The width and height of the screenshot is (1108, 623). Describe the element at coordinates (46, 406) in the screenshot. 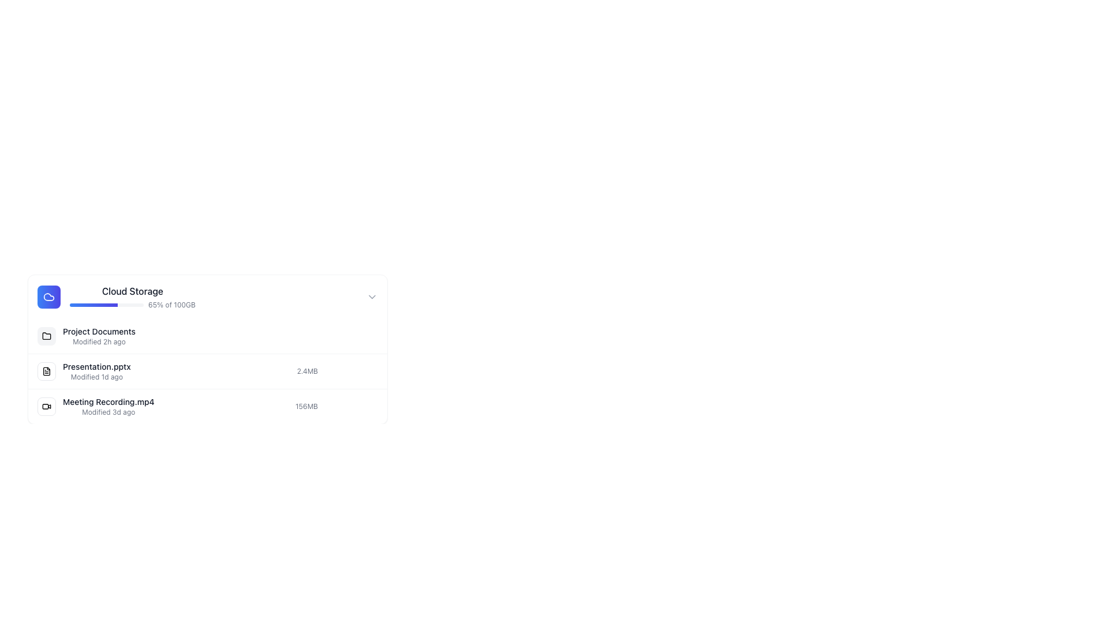

I see `the video camera icon in the rightmost cell of the file list row labeled 'Meeting Recording.mp4' to play or interact with the video file` at that location.